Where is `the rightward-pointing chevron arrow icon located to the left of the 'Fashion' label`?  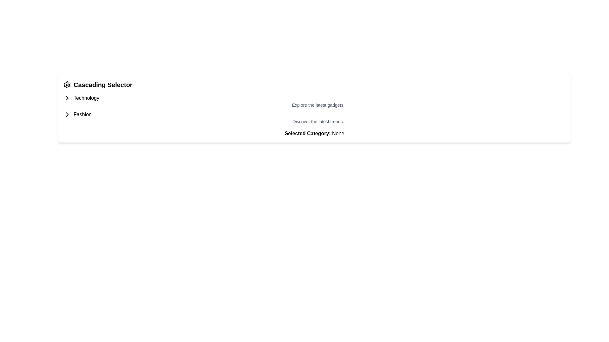 the rightward-pointing chevron arrow icon located to the left of the 'Fashion' label is located at coordinates (67, 98).